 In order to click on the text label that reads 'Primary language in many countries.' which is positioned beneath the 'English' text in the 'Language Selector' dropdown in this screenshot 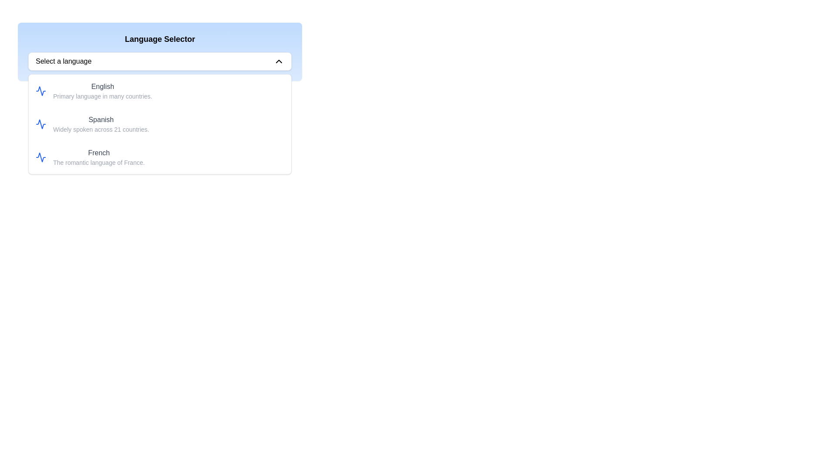, I will do `click(102, 96)`.